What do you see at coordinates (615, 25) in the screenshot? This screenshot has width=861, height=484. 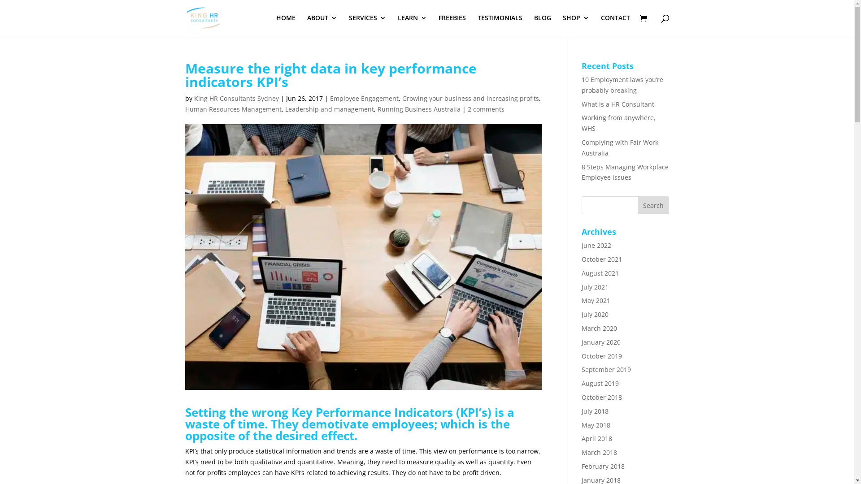 I see `'CONTACT'` at bounding box center [615, 25].